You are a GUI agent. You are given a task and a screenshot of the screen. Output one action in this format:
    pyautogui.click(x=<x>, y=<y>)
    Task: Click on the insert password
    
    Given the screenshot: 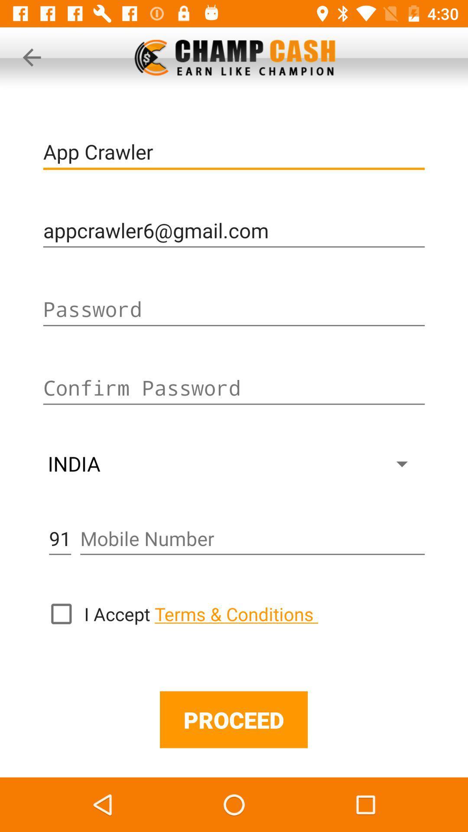 What is the action you would take?
    pyautogui.click(x=234, y=309)
    